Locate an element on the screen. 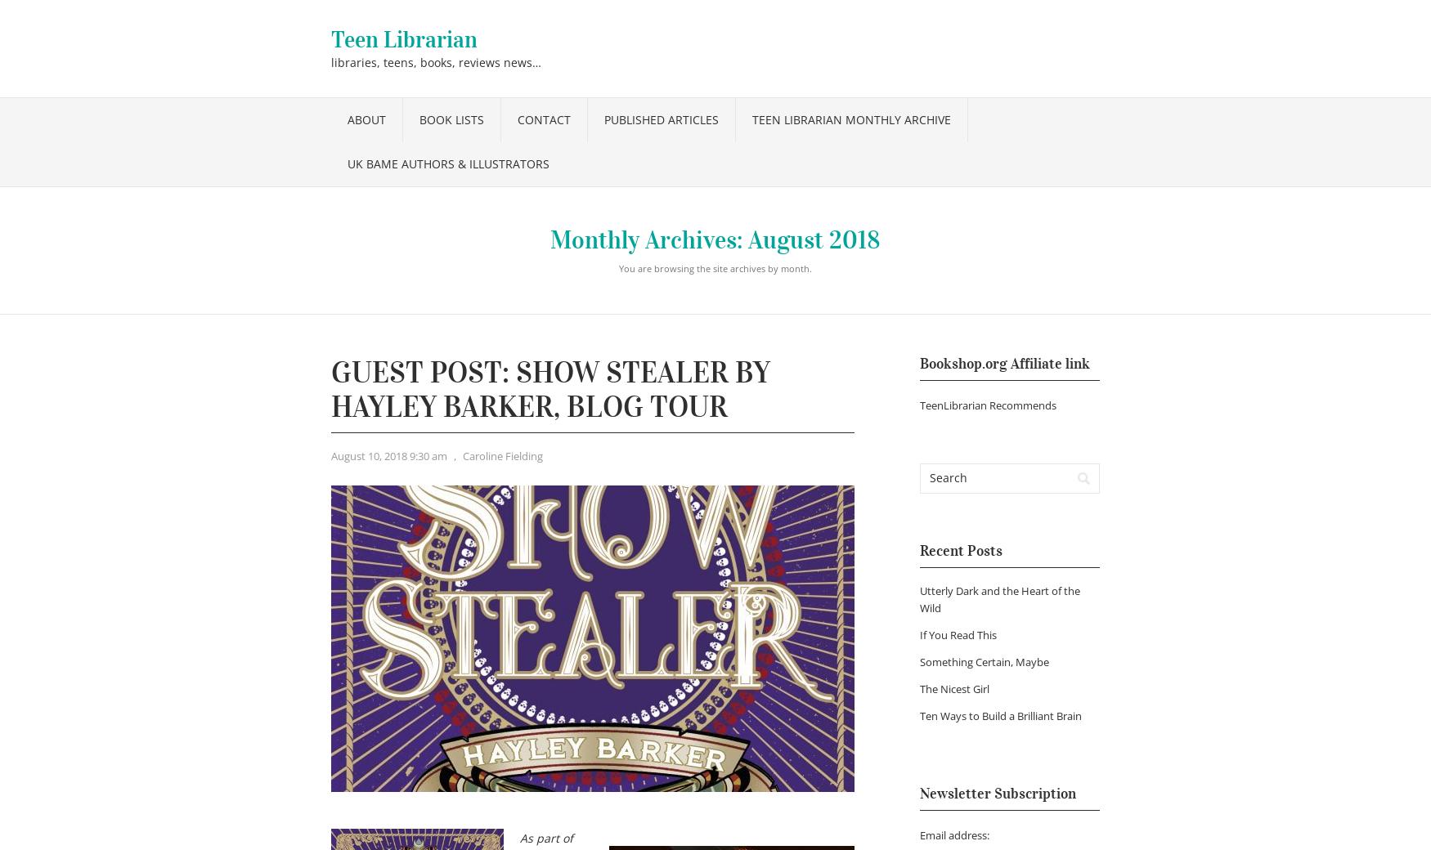 This screenshot has width=1431, height=850. 'Something Certain, Maybe' is located at coordinates (985, 660).